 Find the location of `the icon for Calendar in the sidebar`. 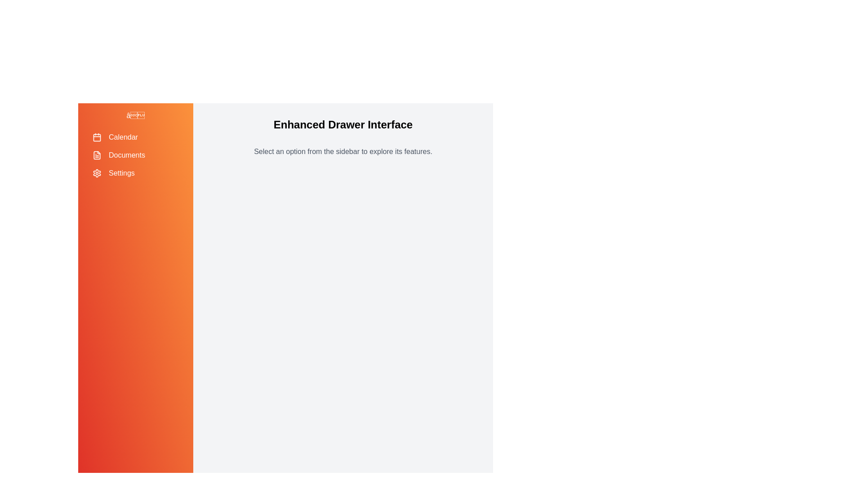

the icon for Calendar in the sidebar is located at coordinates (97, 137).